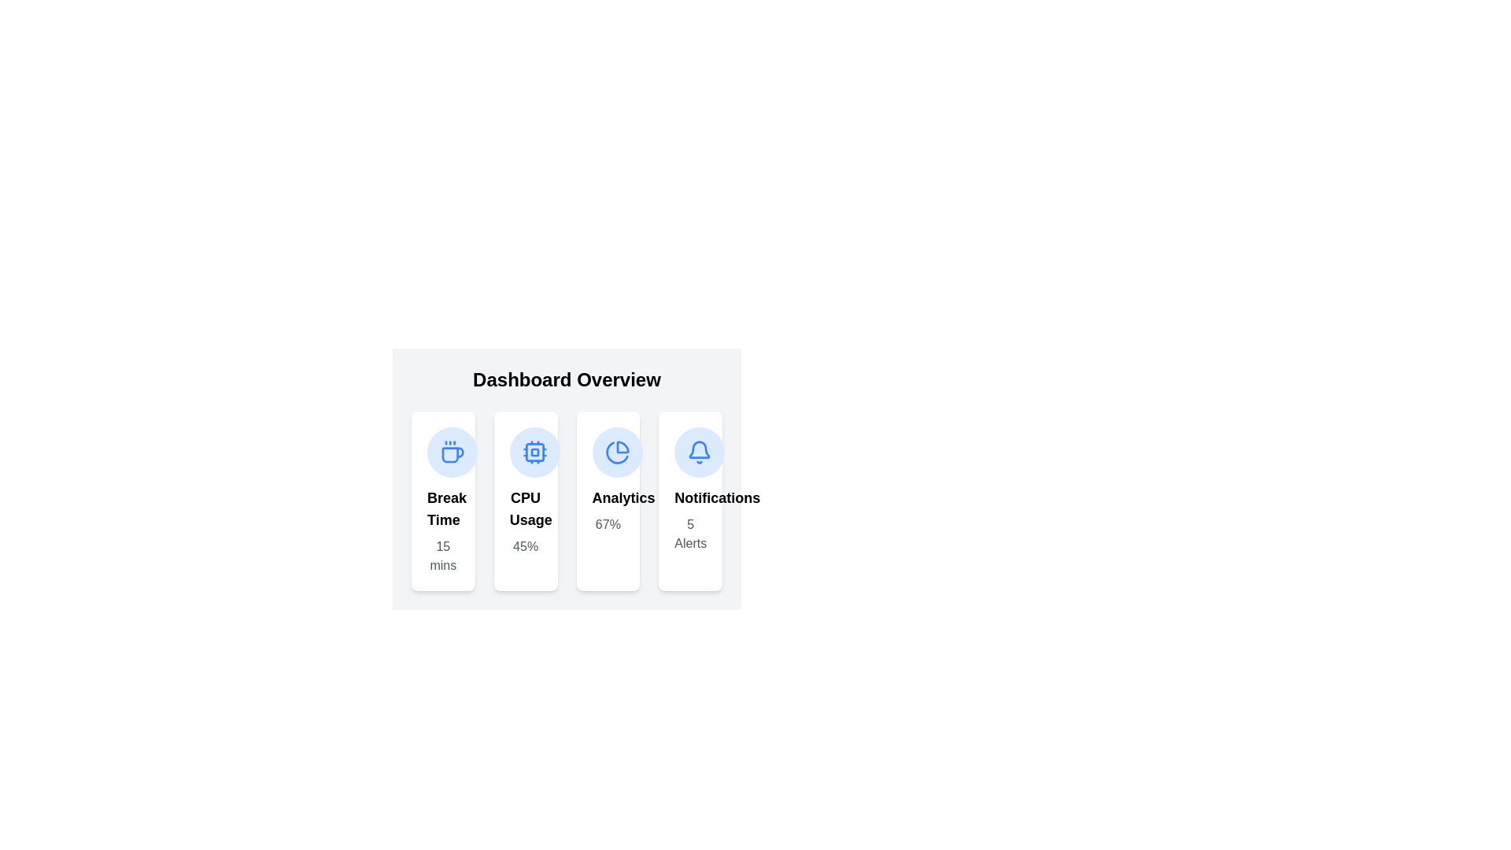 This screenshot has width=1511, height=850. What do you see at coordinates (526, 522) in the screenshot?
I see `the 'CPU Usage' text display element which shows '45%' within a white card on the dashboard overview` at bounding box center [526, 522].